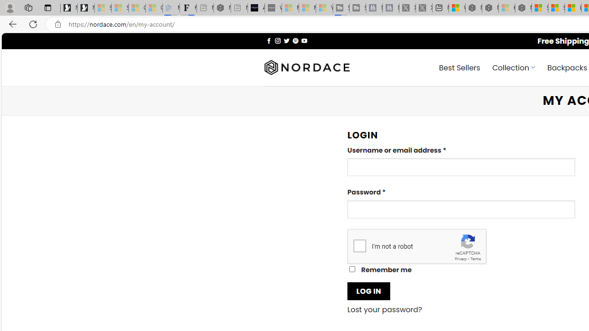 Image resolution: width=589 pixels, height=331 pixels. I want to click on 'Follow on Twitter', so click(286, 40).